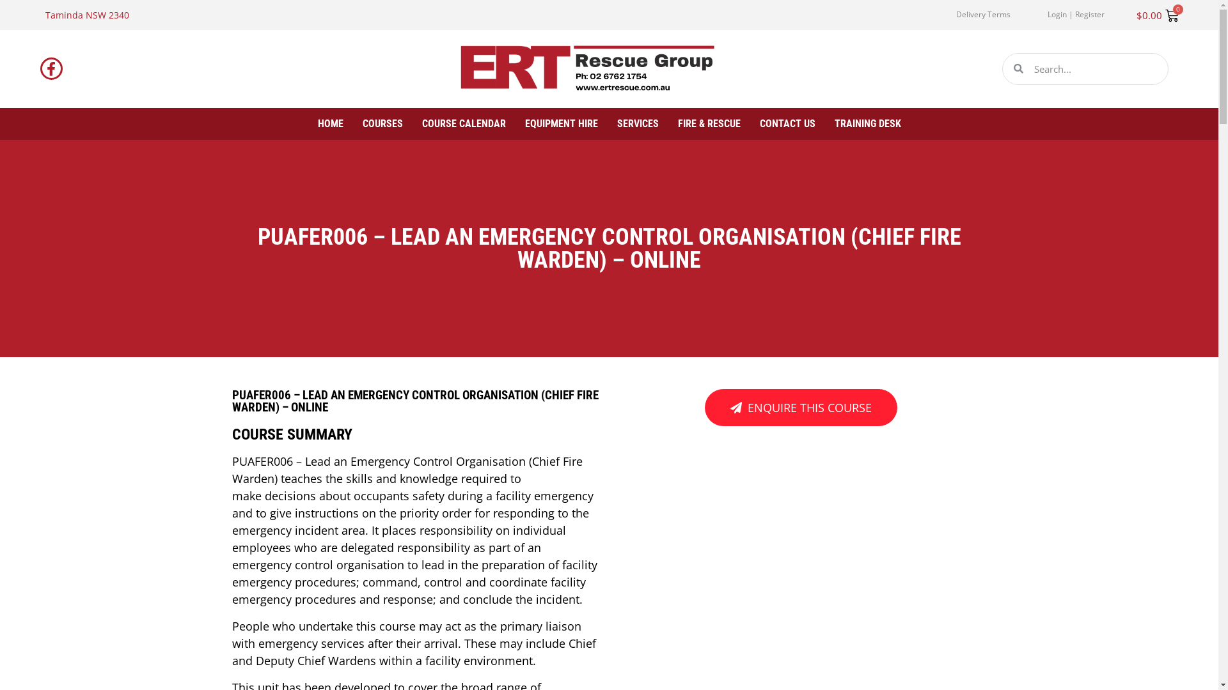 Image resolution: width=1228 pixels, height=690 pixels. What do you see at coordinates (330, 123) in the screenshot?
I see `'HOME'` at bounding box center [330, 123].